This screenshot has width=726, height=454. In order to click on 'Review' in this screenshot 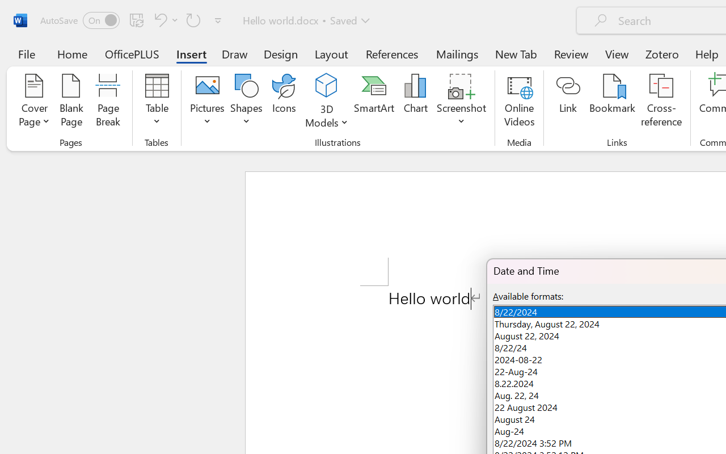, I will do `click(571, 53)`.